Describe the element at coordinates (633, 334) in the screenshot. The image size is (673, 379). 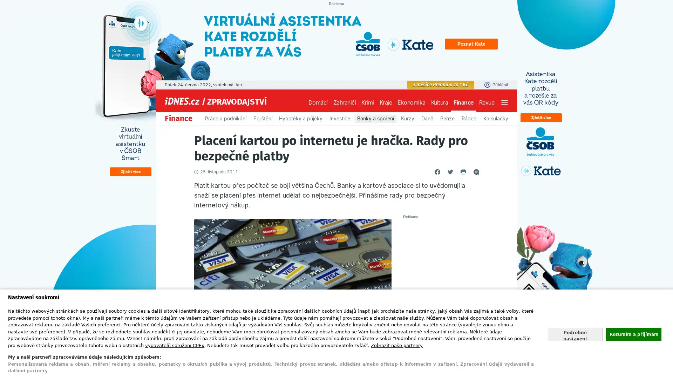
I see `Souhlasit s nasim zpracovanim udaju a zavrit` at that location.